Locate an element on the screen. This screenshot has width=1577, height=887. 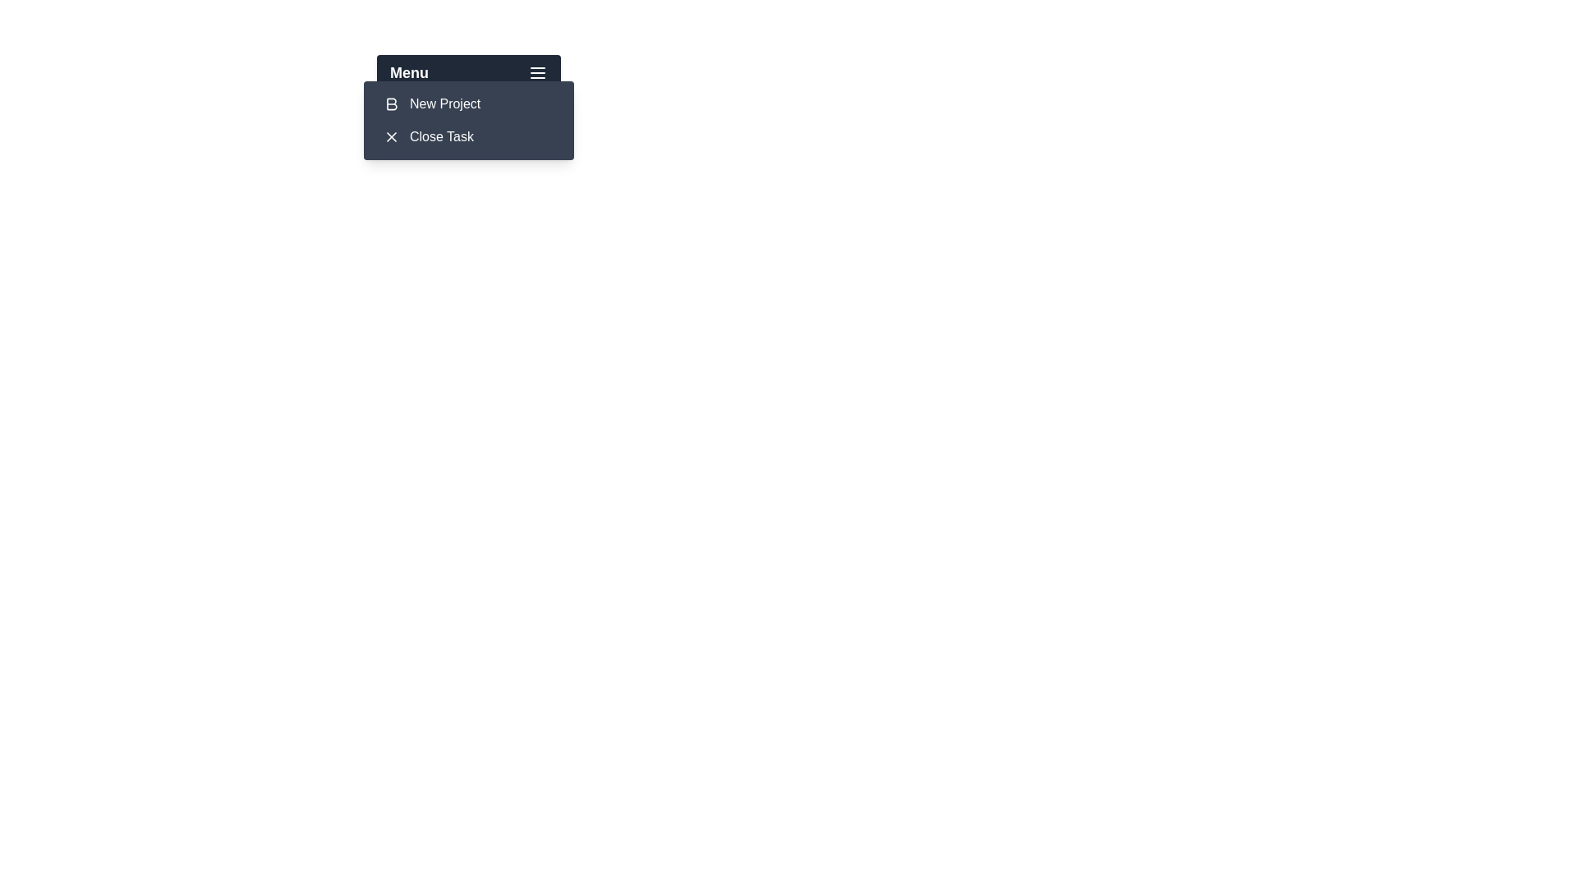
the graphical icon within the SVG element that indicates a close or cancel action, located under the 'Close Task' label in the dropdown menu is located at coordinates (390, 136).